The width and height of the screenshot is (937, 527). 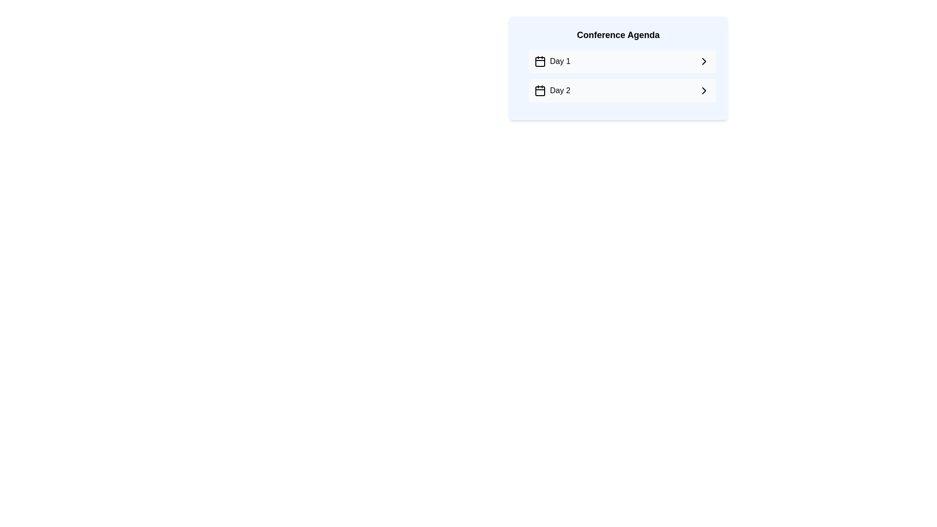 I want to click on the header text 'Conference Agenda' which indicates the schedule for a conference and is centrally aligned above the 'Day 1' and 'Day 2' elements, so click(x=618, y=35).